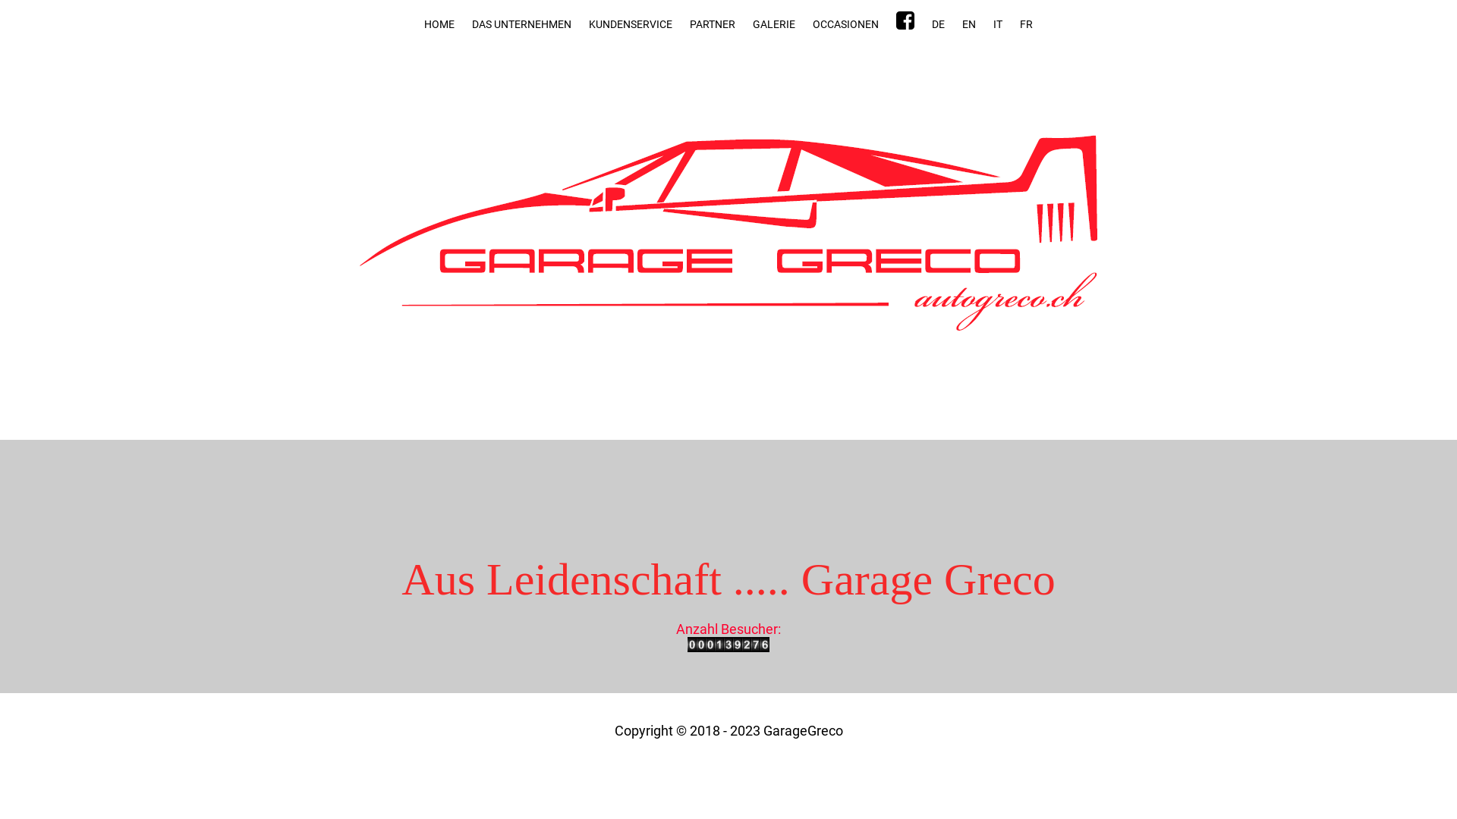 The height and width of the screenshot is (819, 1457). What do you see at coordinates (712, 24) in the screenshot?
I see `'PARTNER'` at bounding box center [712, 24].